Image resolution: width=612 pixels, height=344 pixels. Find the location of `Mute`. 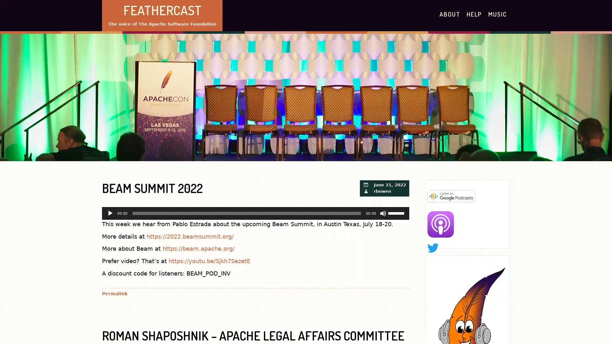

Mute is located at coordinates (382, 213).